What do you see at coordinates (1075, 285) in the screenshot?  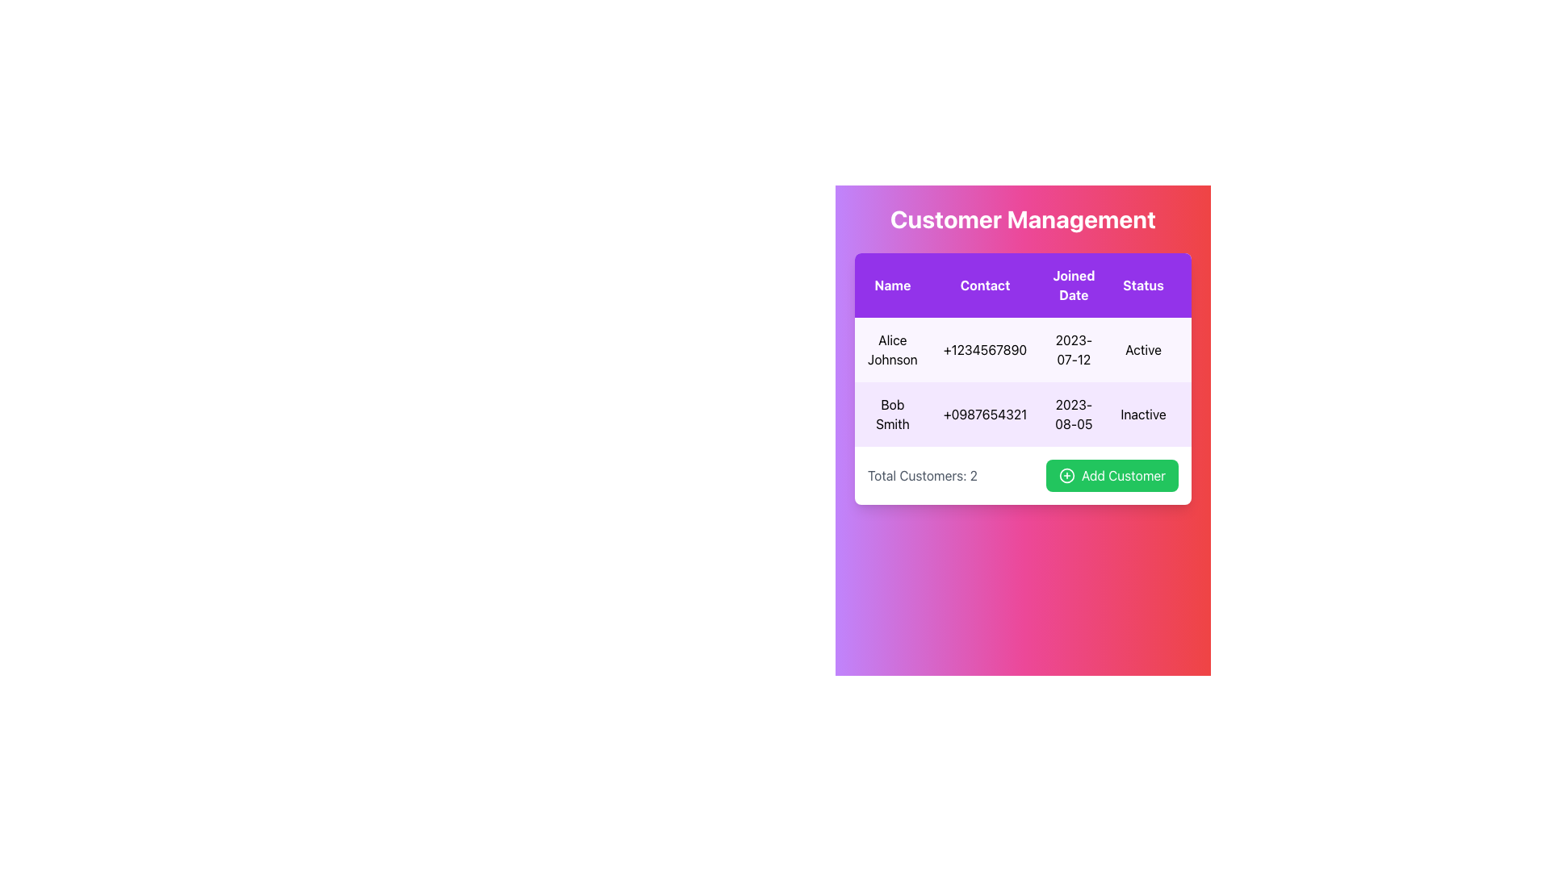 I see `the Table Header element that defines the column titles for the data table in the Customer Management interface` at bounding box center [1075, 285].